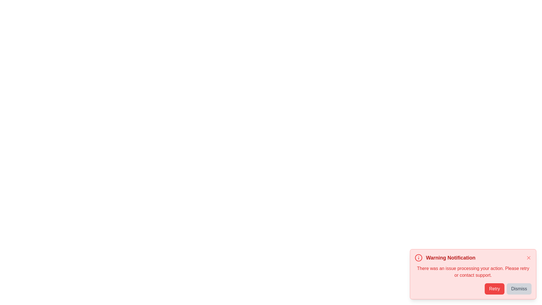 This screenshot has width=542, height=305. Describe the element at coordinates (519, 289) in the screenshot. I see `the 'Dismiss' button to close the notification` at that location.